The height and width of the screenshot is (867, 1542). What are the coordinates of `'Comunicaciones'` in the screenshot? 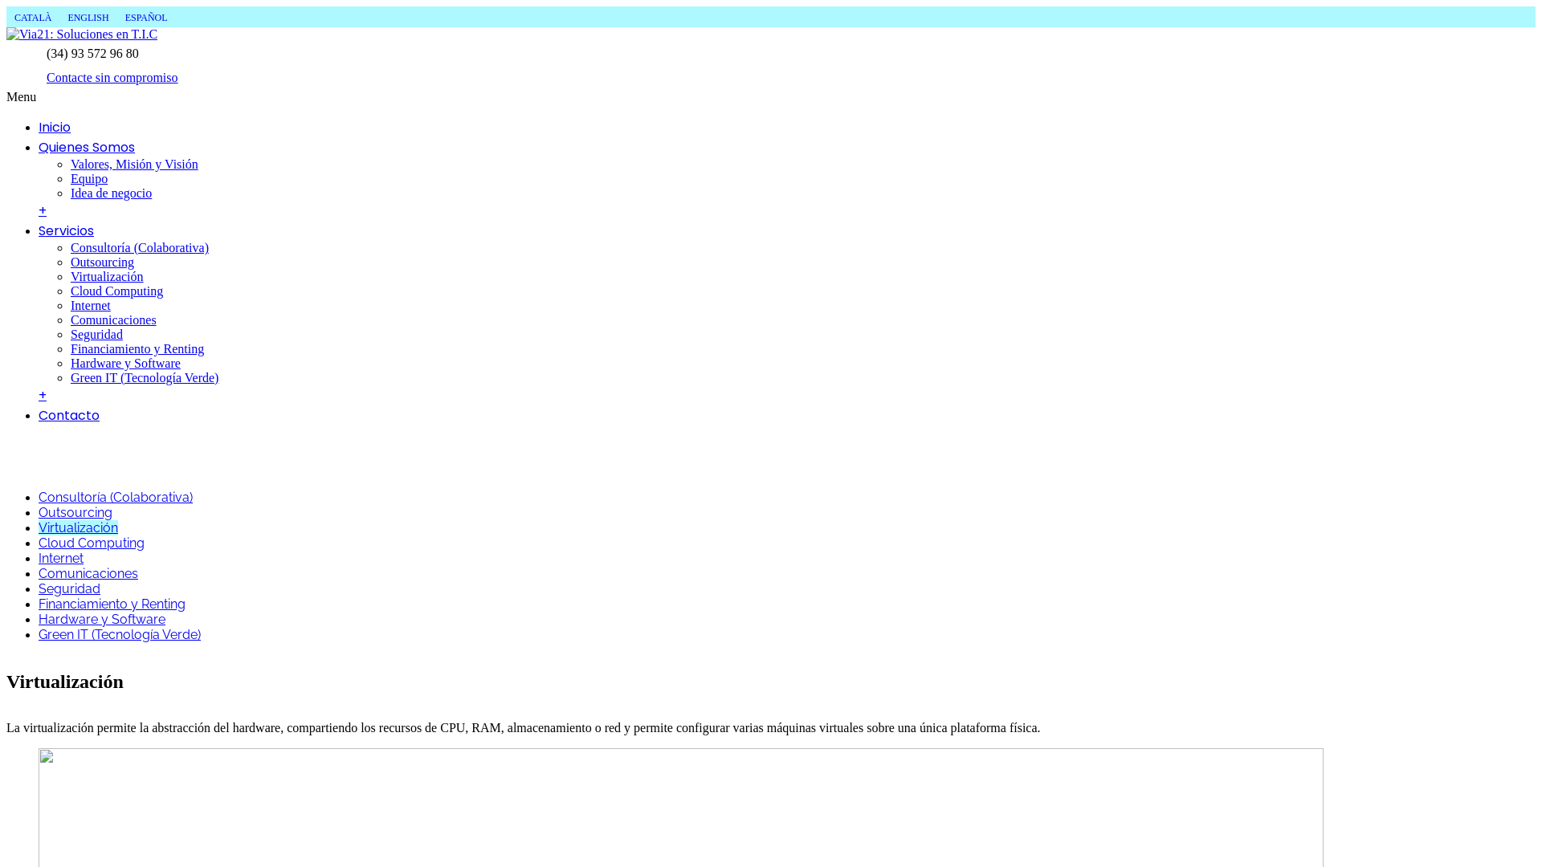 It's located at (112, 320).